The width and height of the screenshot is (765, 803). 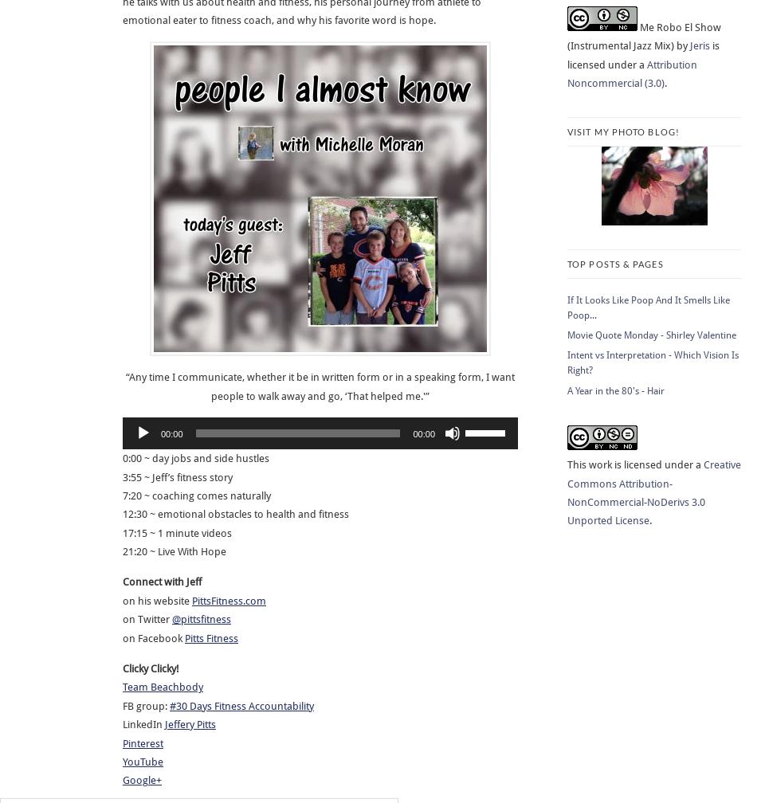 What do you see at coordinates (228, 600) in the screenshot?
I see `'PittsFitness.com'` at bounding box center [228, 600].